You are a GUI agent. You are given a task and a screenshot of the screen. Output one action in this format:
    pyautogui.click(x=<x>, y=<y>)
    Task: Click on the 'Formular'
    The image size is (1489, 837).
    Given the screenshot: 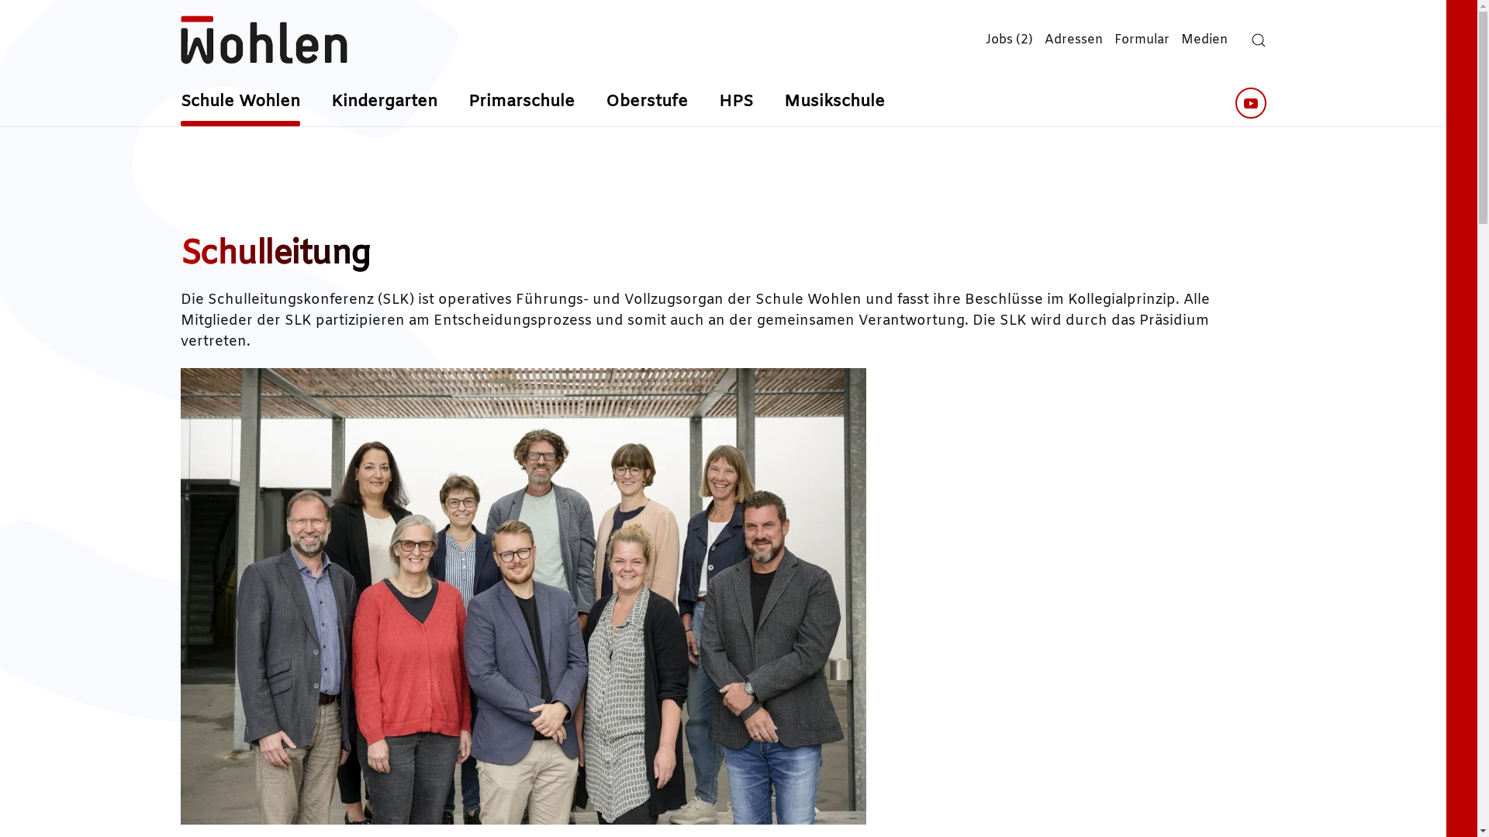 What is the action you would take?
    pyautogui.click(x=1141, y=39)
    